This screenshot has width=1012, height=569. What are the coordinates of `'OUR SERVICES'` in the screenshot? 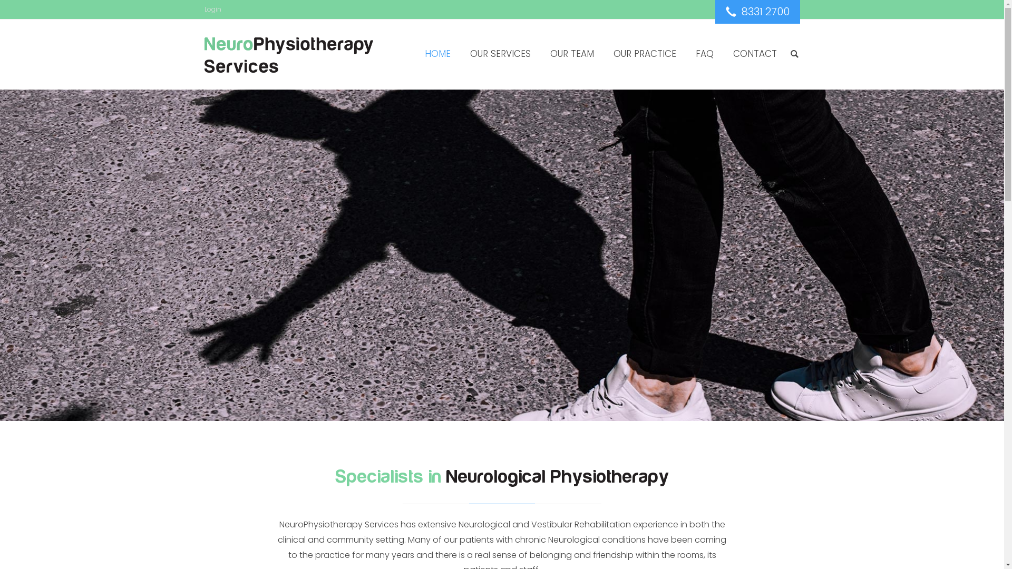 It's located at (460, 53).